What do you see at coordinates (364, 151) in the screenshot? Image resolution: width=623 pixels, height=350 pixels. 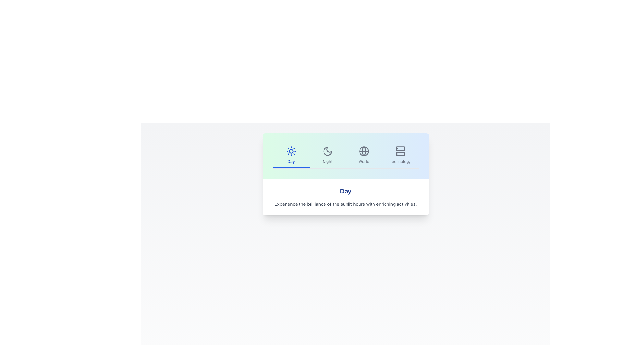 I see `the globe-shaped icon with gray strokes in the 'World' section of the menu` at bounding box center [364, 151].